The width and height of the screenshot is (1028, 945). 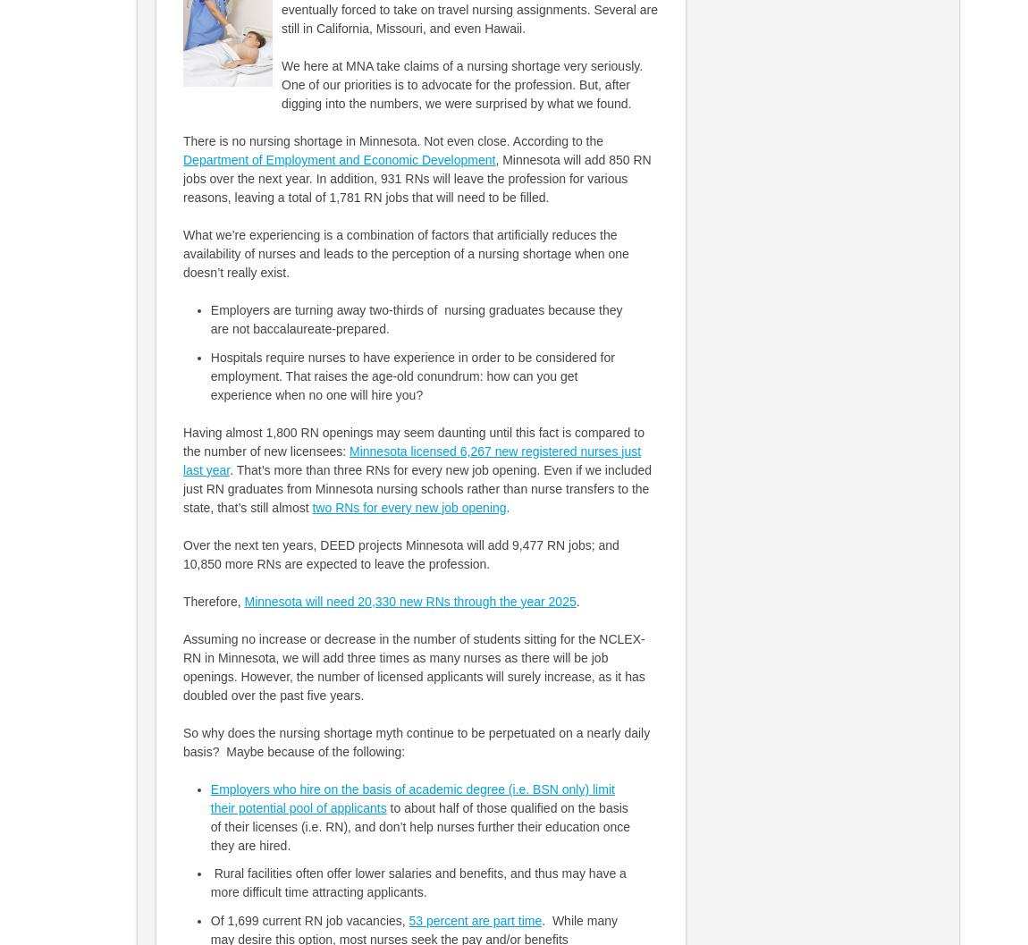 I want to click on ', Minnesota will add 850 RN jobs over the next year. In addition, 931 RNs will leave the profession for various reasons, leaving a total of 1,781 RN jobs that will need to be filled.', so click(x=417, y=178).